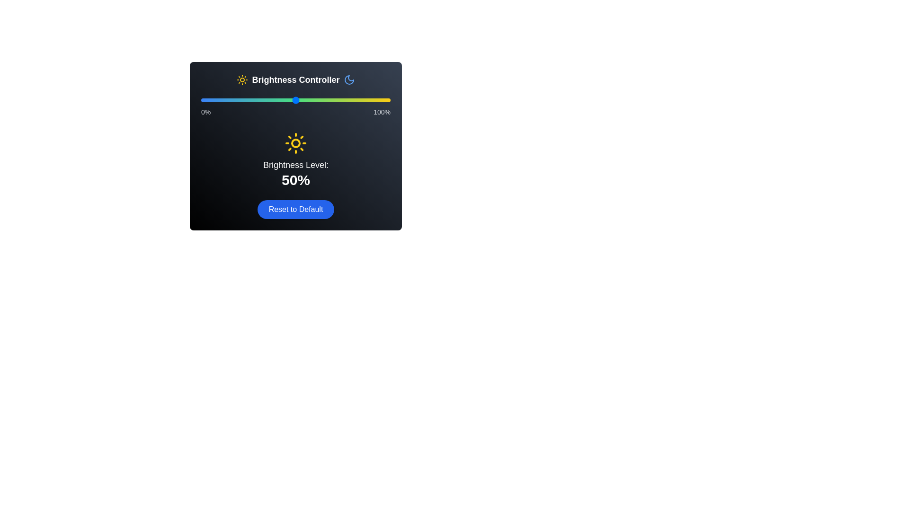 This screenshot has width=909, height=511. Describe the element at coordinates (295, 209) in the screenshot. I see `the 'Reset to Default' button to reset the brightness level to 50%` at that location.